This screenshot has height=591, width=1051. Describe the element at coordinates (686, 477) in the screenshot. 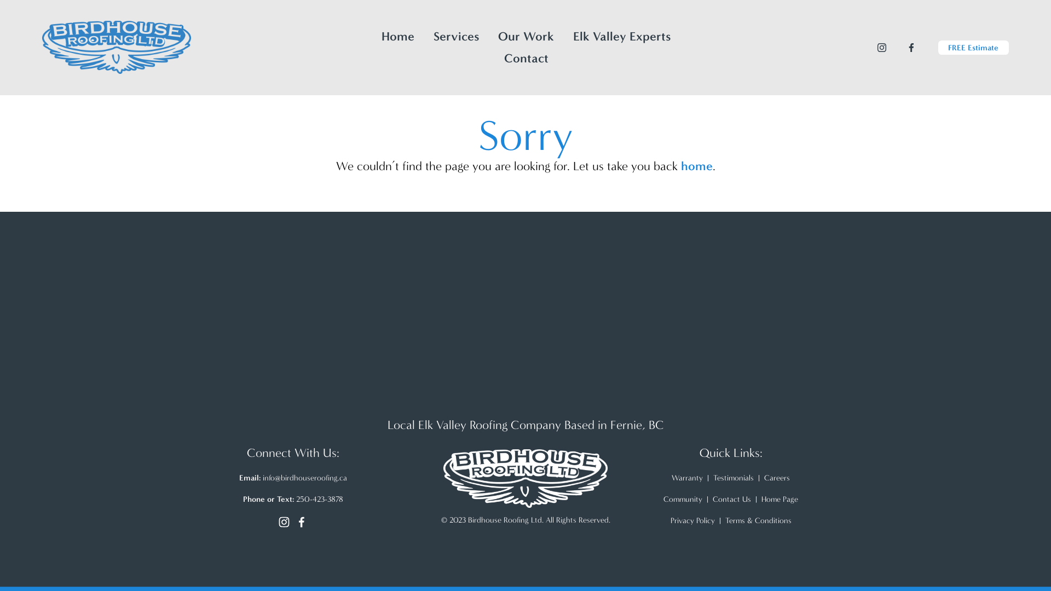

I see `'Warranty'` at that location.